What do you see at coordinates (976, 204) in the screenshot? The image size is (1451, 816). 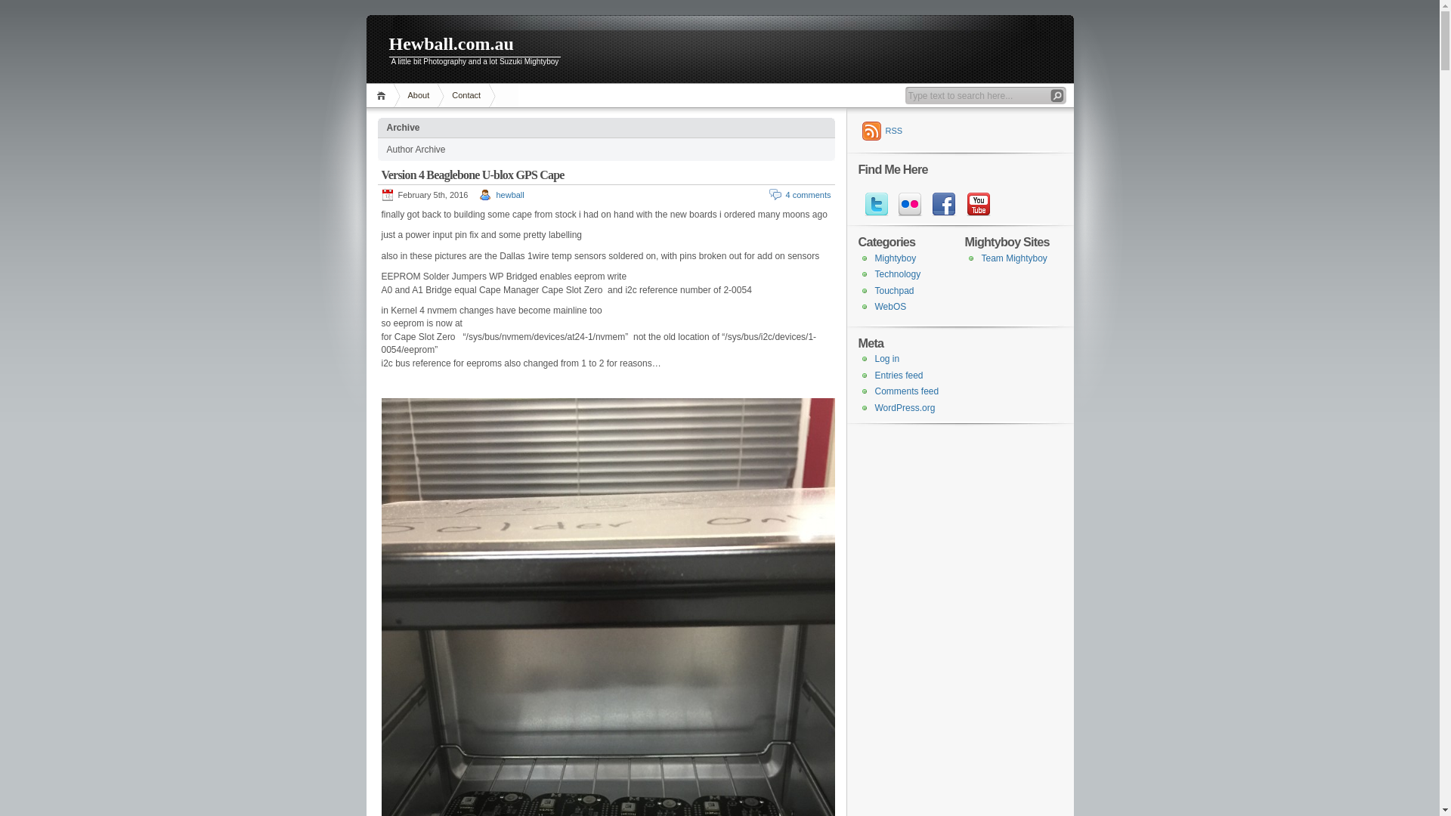 I see `'youtube'` at bounding box center [976, 204].